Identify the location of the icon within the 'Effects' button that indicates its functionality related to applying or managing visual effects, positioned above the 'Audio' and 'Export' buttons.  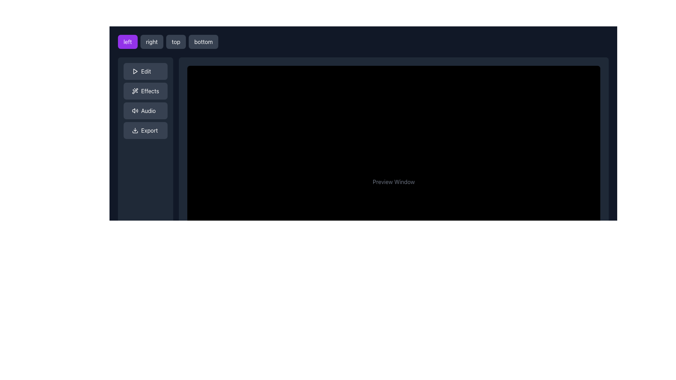
(135, 90).